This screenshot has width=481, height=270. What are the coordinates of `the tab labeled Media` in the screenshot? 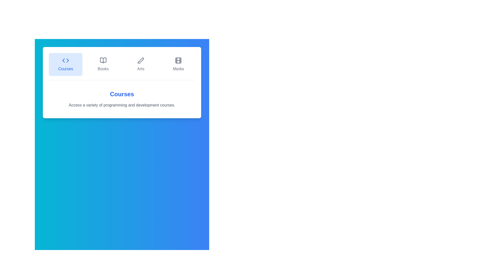 It's located at (178, 64).